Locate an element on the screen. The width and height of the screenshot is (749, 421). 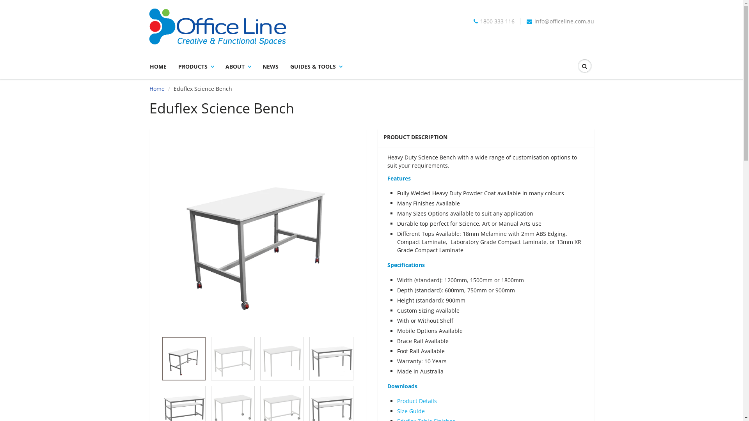
'NEWS' is located at coordinates (270, 66).